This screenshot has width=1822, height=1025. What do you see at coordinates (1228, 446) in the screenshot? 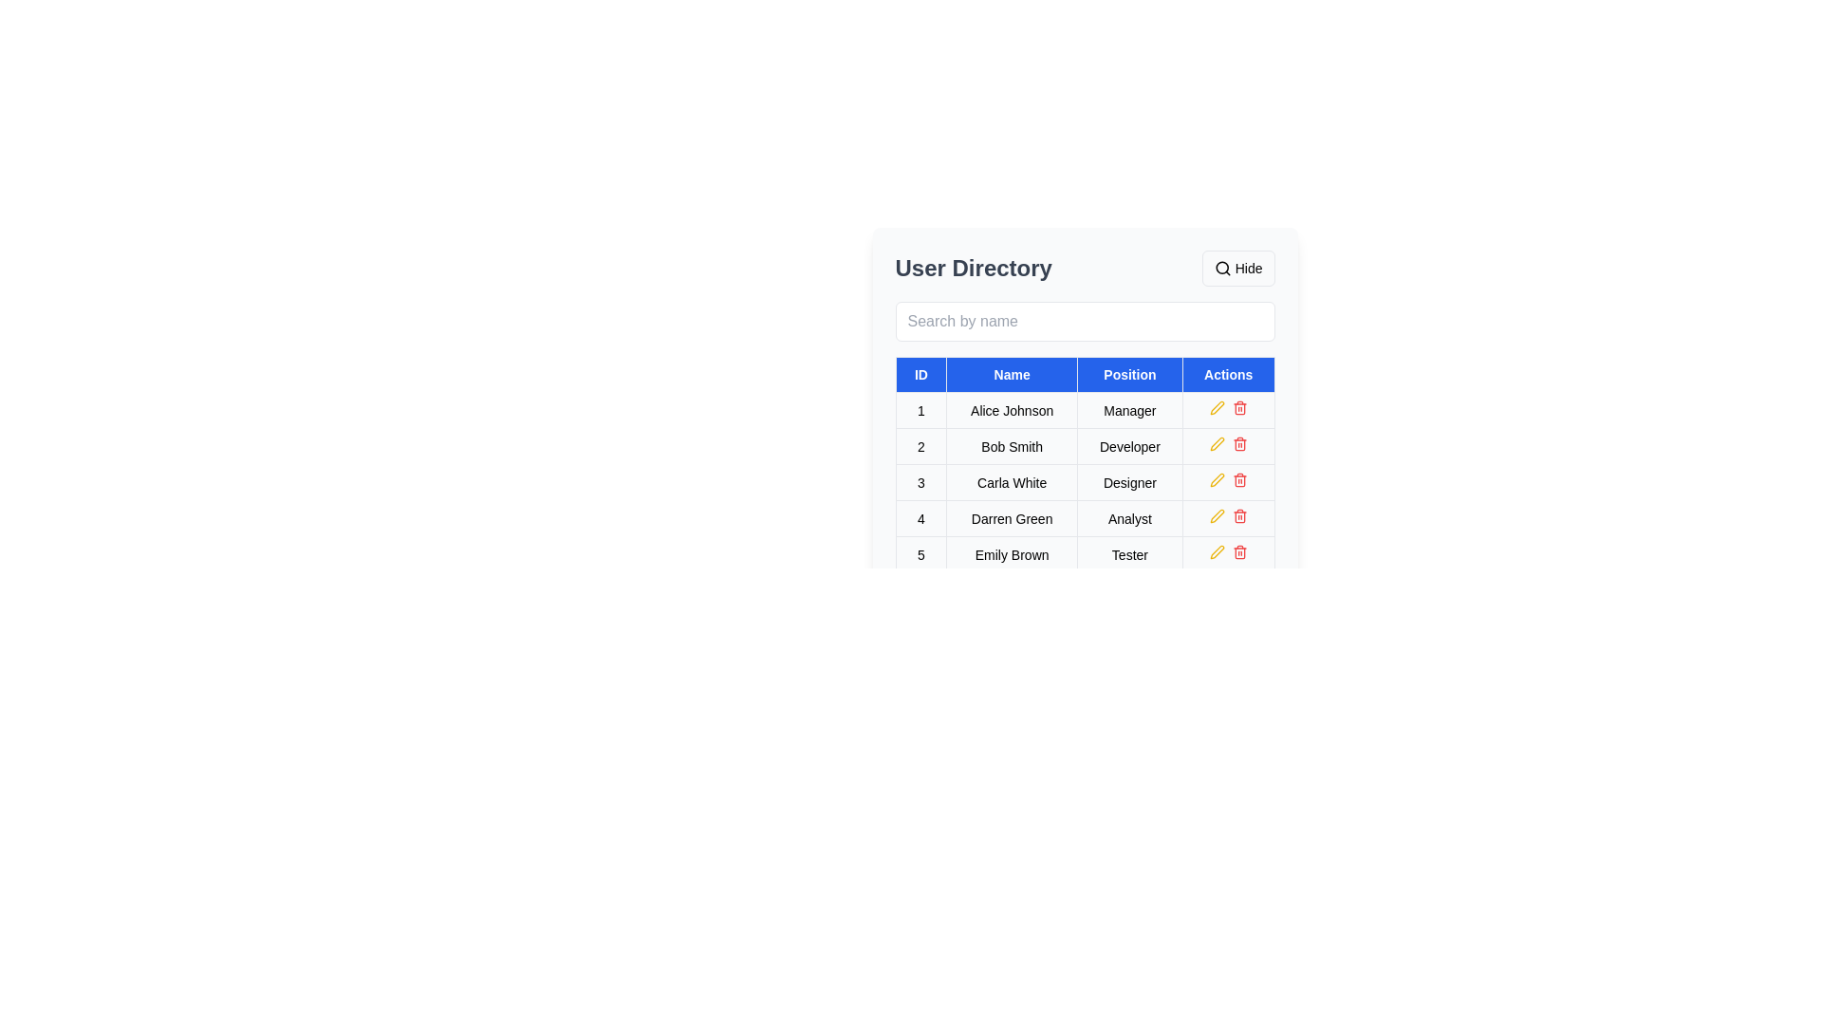
I see `the button in the 'Actions' column for the 'Bob Smith Developer' entry` at bounding box center [1228, 446].